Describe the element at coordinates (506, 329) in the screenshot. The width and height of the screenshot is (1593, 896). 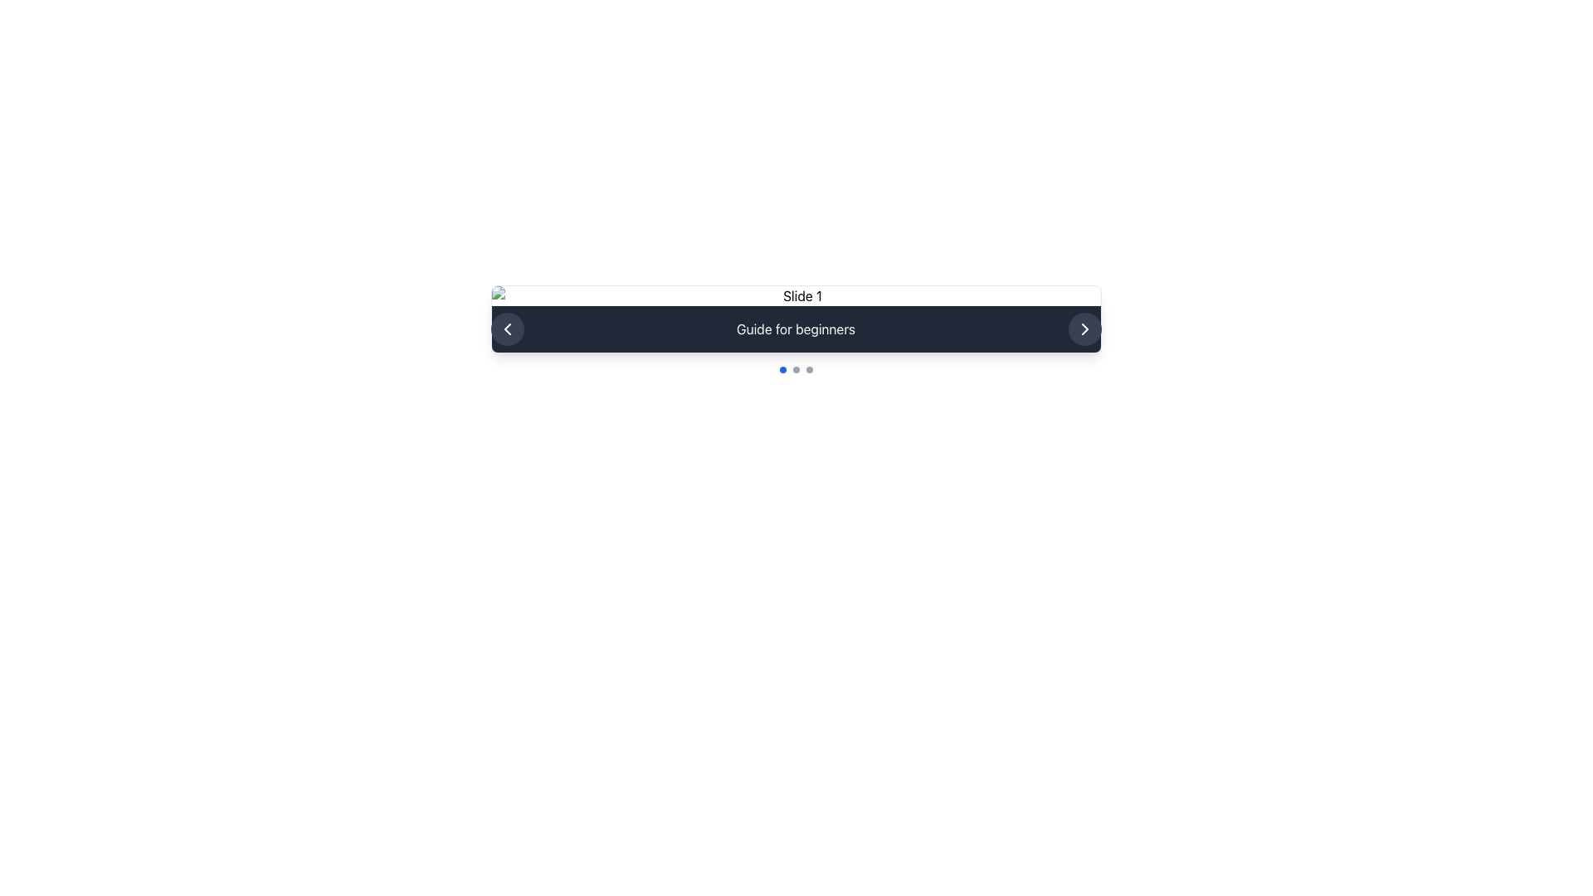
I see `the left navigation button` at that location.